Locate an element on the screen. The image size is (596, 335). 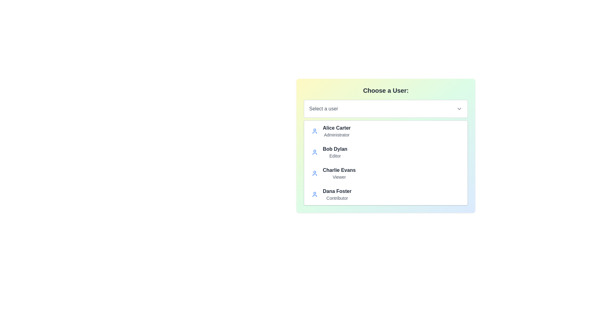
the label indicating the role 'Administrator' for user 'Alice Carter' located below the user's name in the dropdown list is located at coordinates (336, 135).